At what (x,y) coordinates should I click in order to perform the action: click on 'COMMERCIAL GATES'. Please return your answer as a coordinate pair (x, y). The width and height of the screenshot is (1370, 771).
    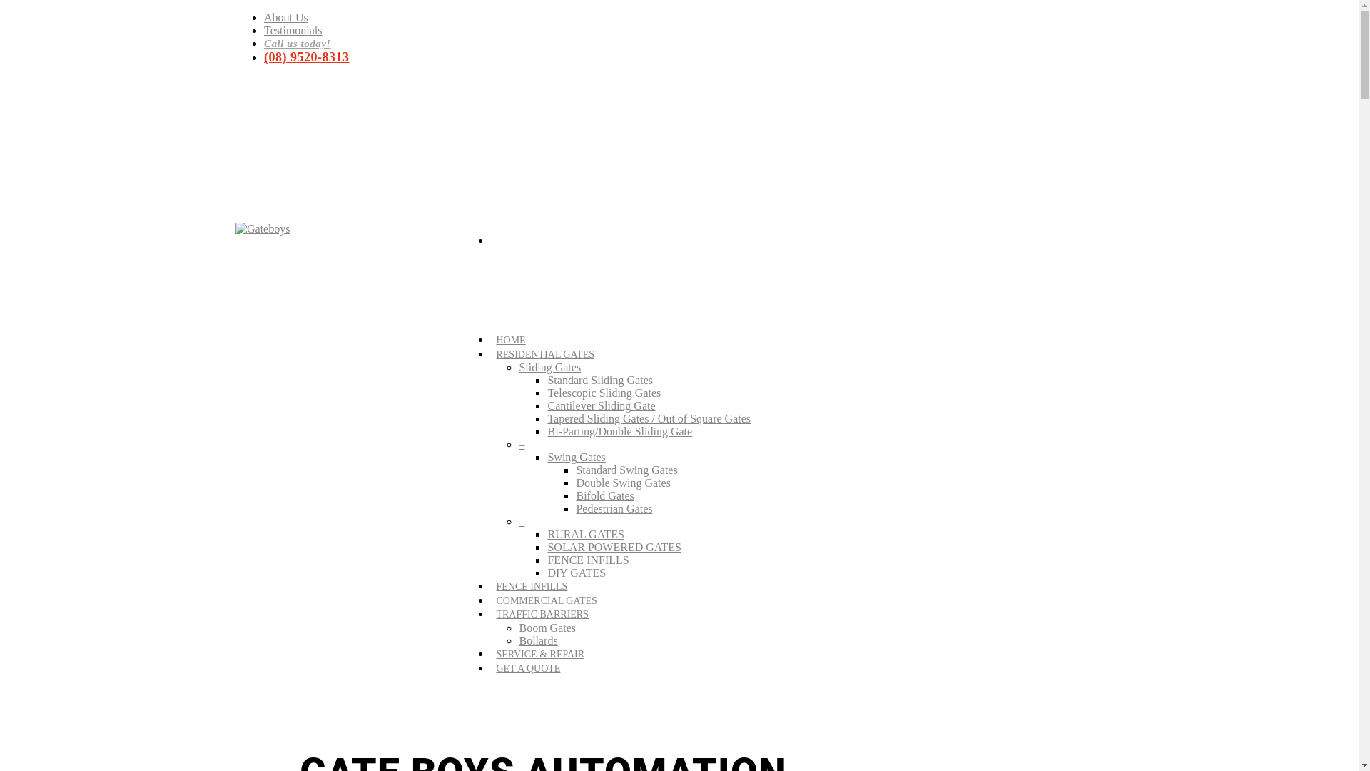
    Looking at the image, I should click on (496, 604).